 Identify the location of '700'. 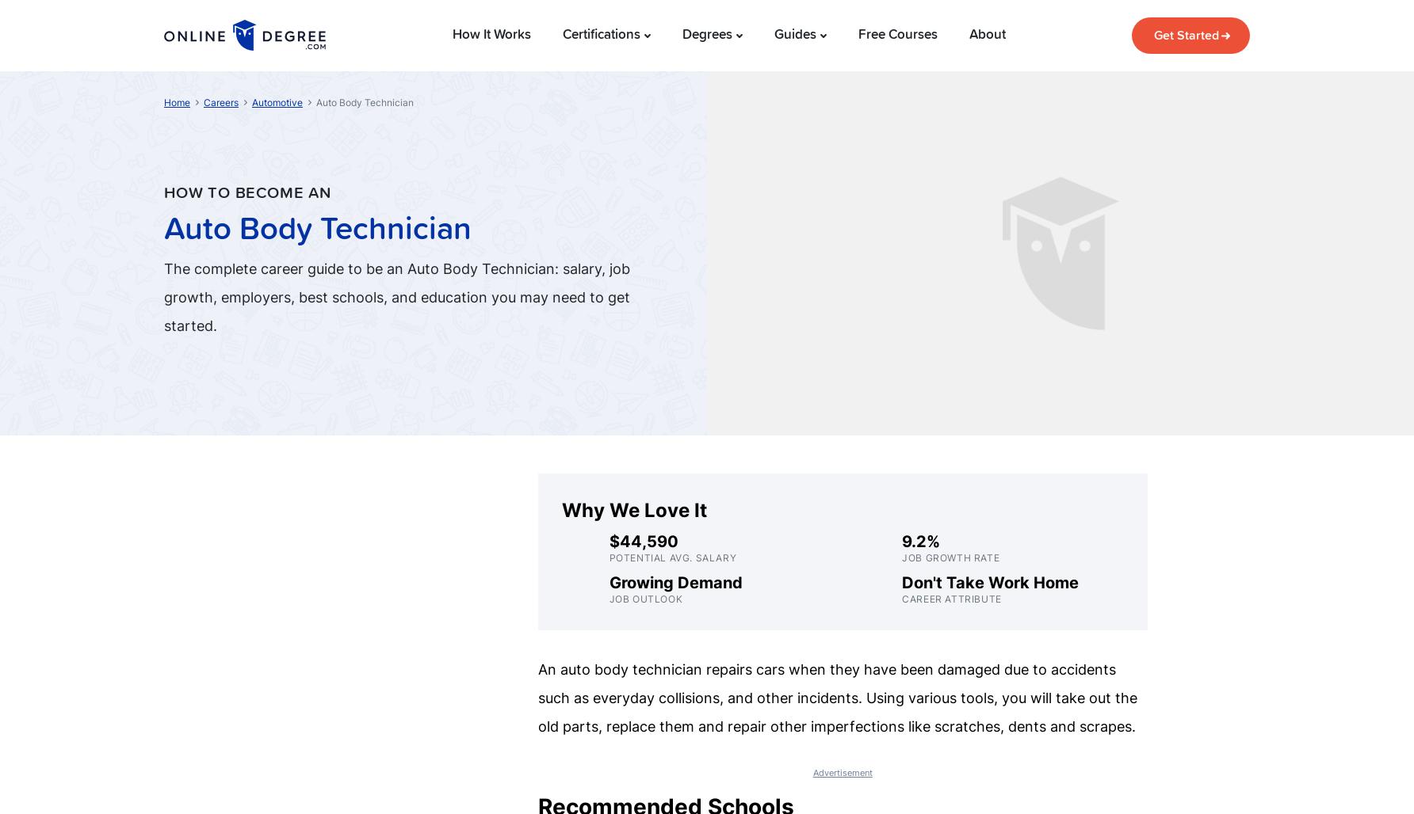
(1015, 61).